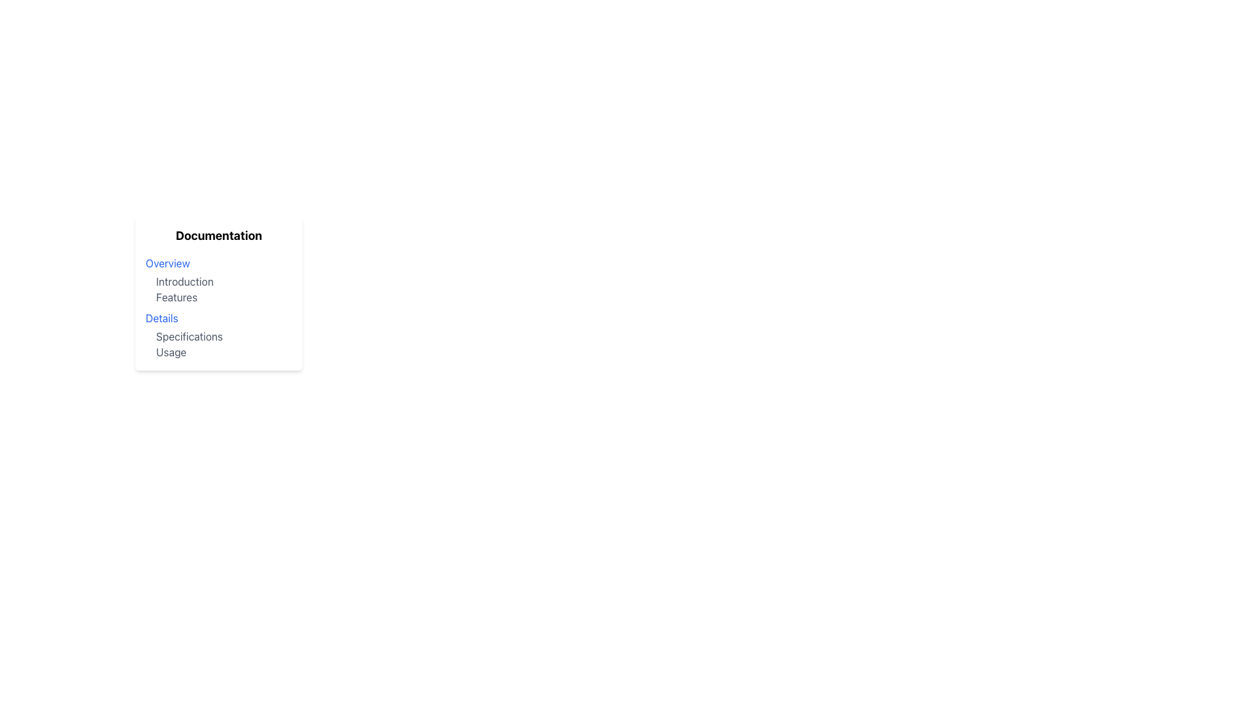  Describe the element at coordinates (167, 263) in the screenshot. I see `the blue-colored, underlined text hyperlink reading 'Overview' in the navigation menu to indicate interaction` at that location.